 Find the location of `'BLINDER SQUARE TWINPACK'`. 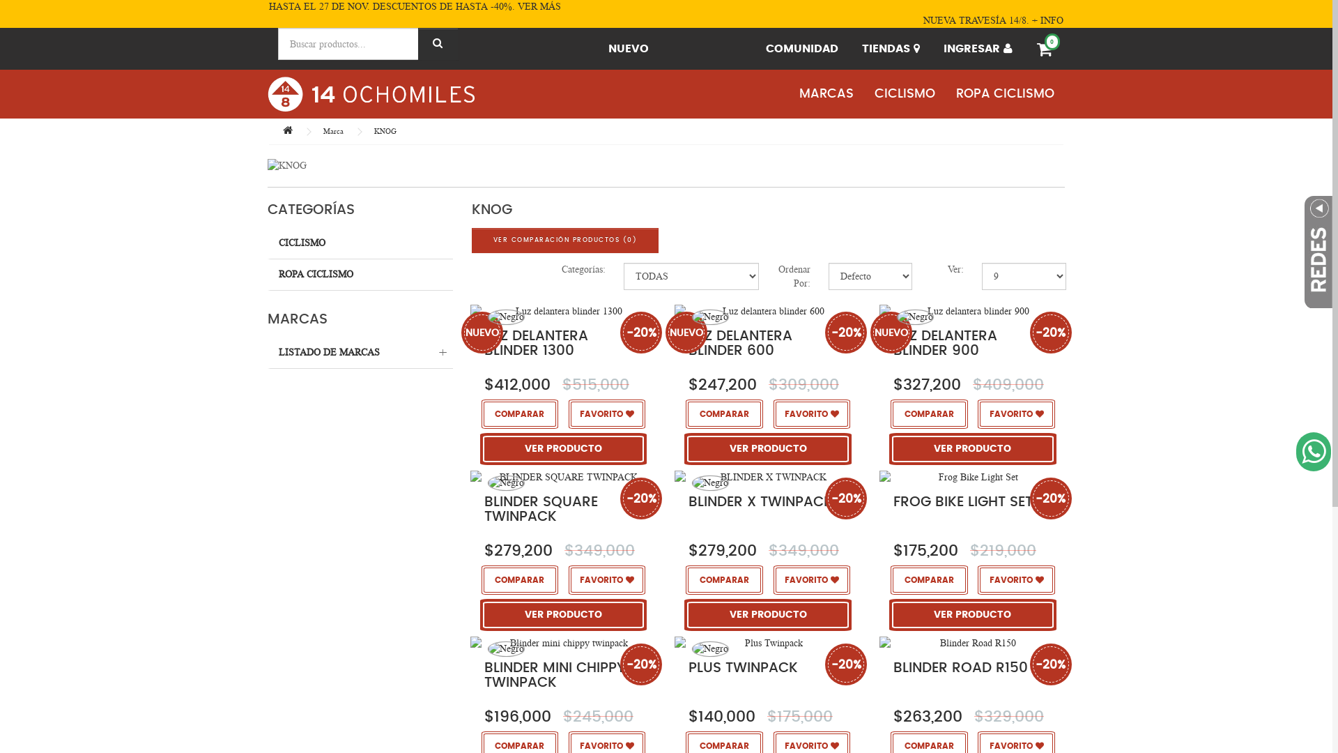

'BLINDER SQUARE TWINPACK' is located at coordinates (563, 476).